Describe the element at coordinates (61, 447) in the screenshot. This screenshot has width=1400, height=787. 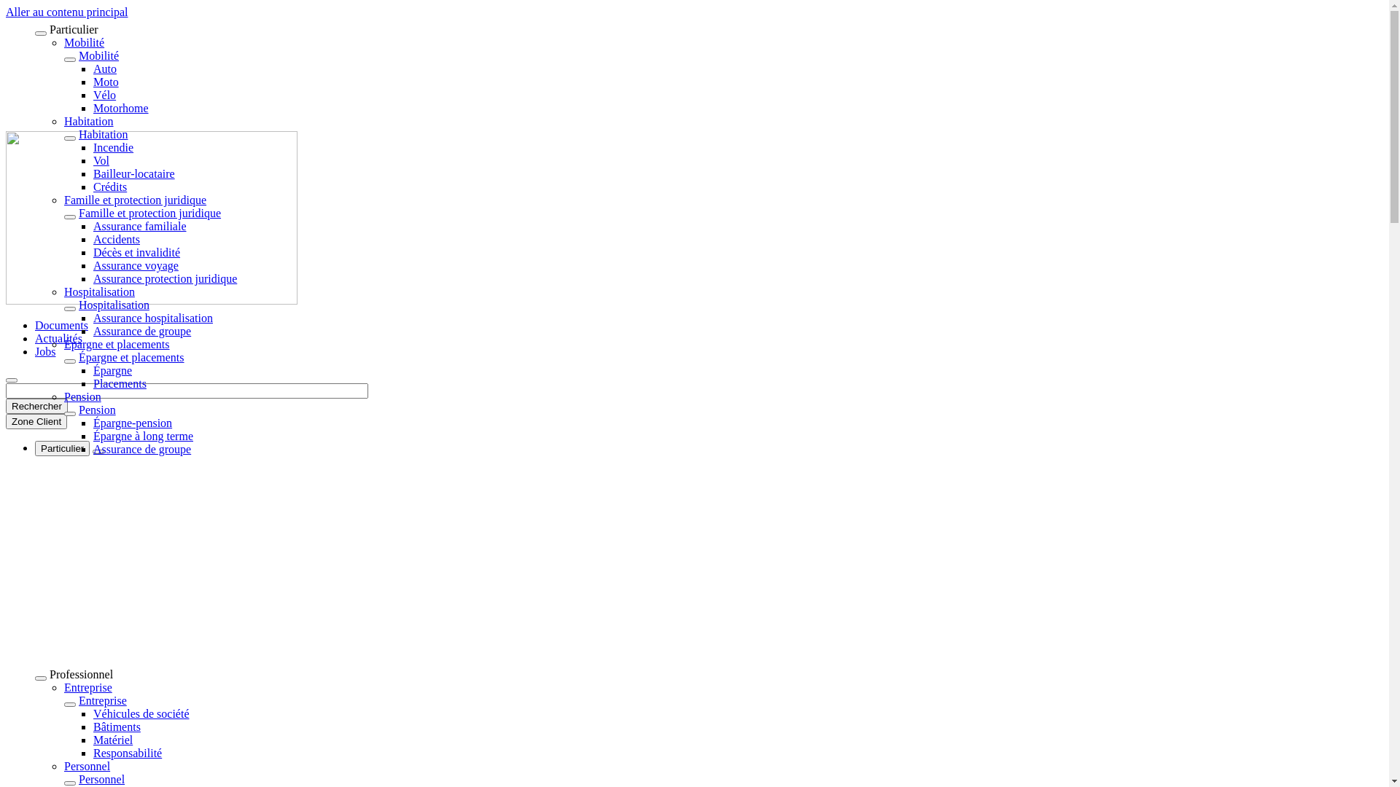
I see `'Particulier'` at that location.